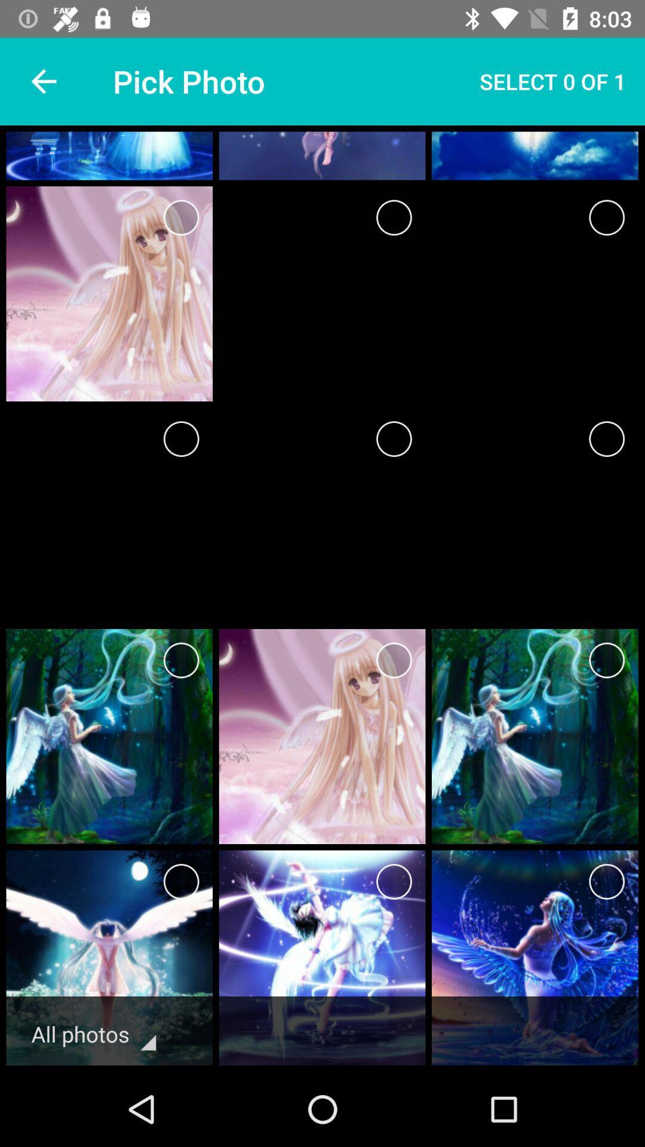 The image size is (645, 1147). Describe the element at coordinates (607, 660) in the screenshot. I see `edit photo page` at that location.